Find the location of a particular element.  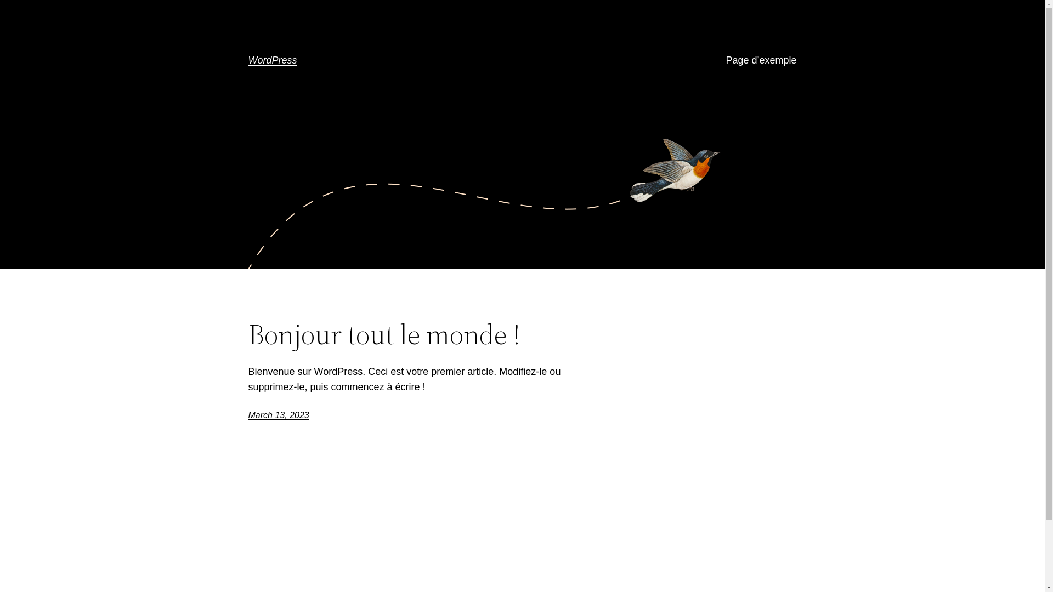

'WordPress' is located at coordinates (272, 60).